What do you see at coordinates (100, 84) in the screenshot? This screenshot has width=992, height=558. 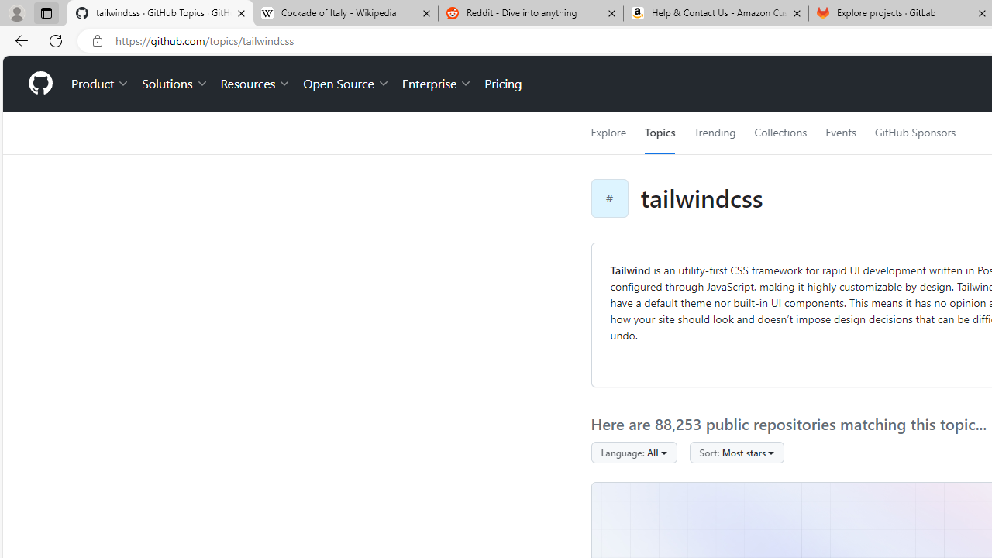 I see `'Product'` at bounding box center [100, 84].